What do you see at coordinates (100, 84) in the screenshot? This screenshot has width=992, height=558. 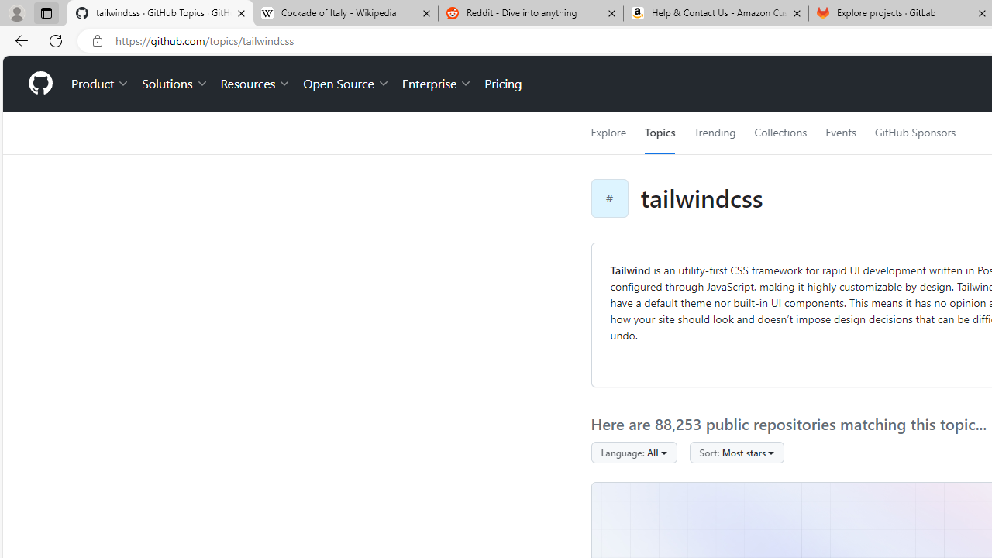 I see `'Product'` at bounding box center [100, 84].